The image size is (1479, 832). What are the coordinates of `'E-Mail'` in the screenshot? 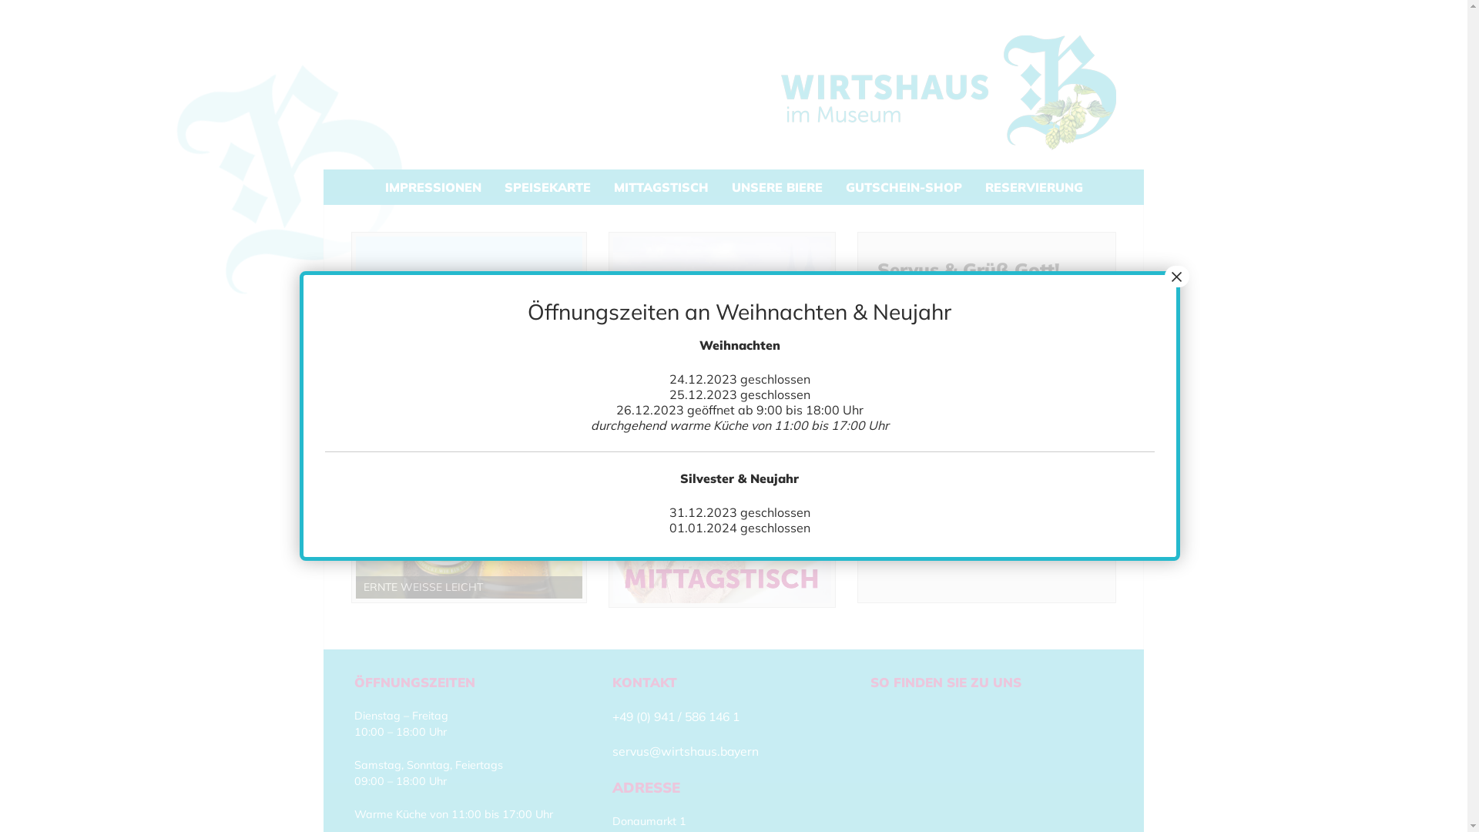 It's located at (993, 382).